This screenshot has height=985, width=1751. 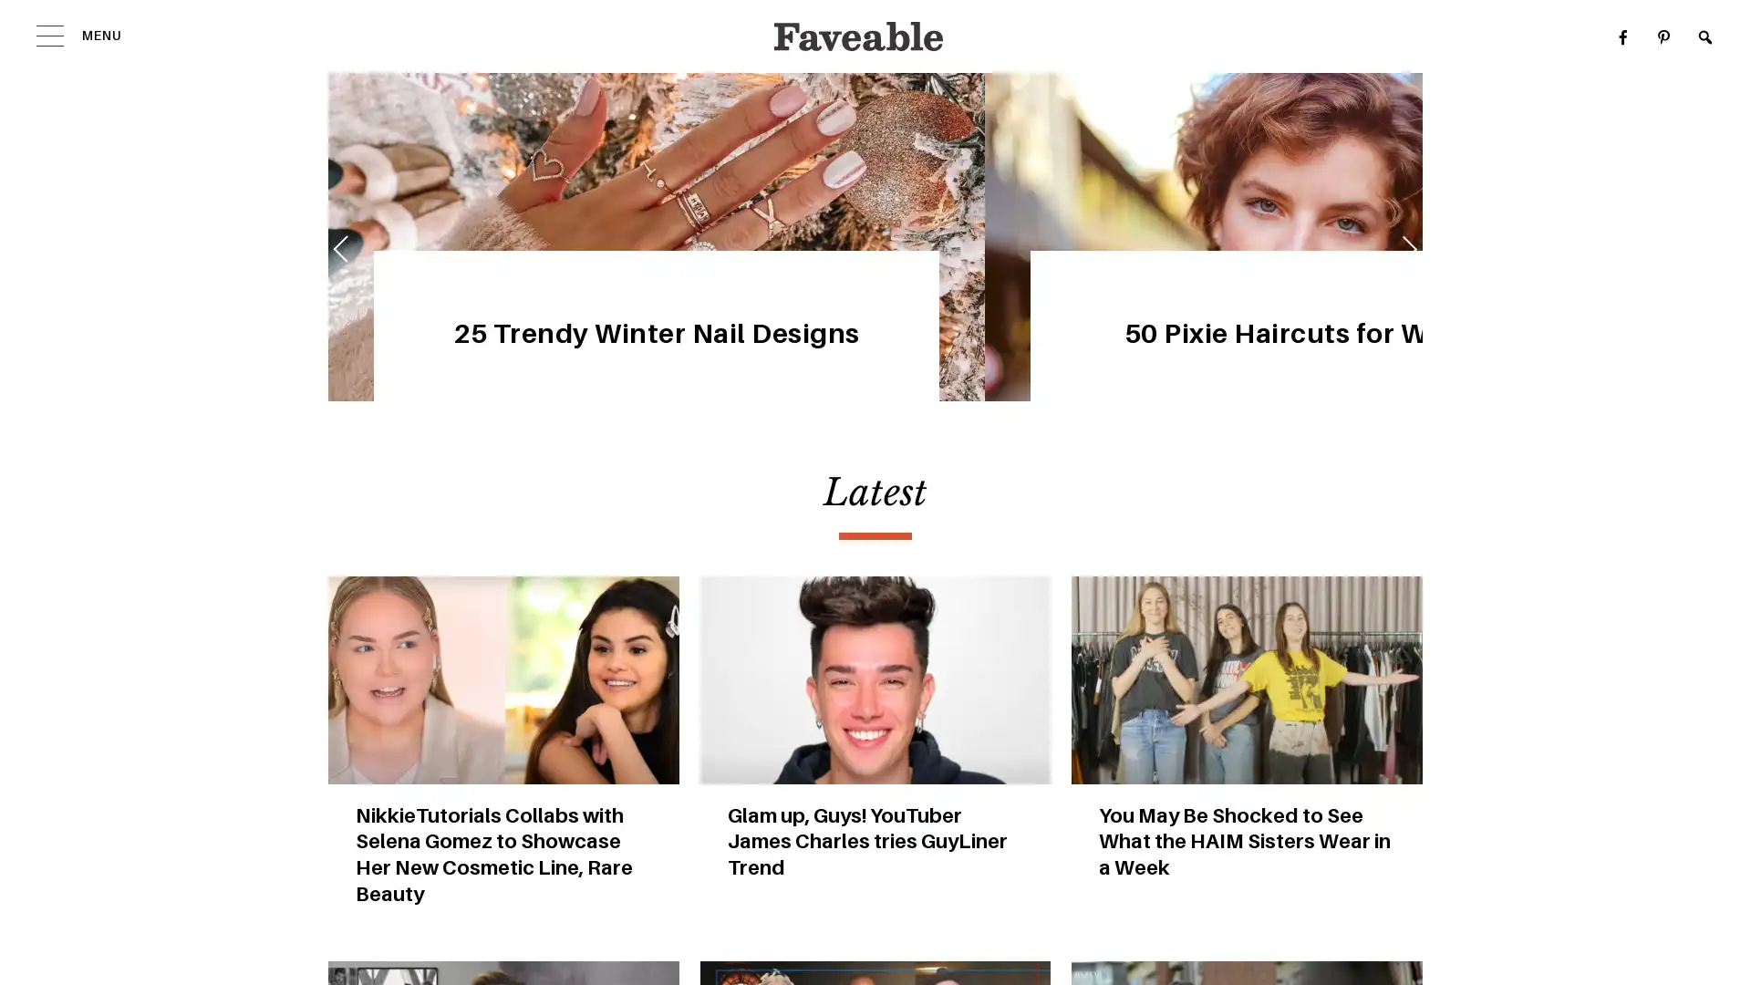 I want to click on MENU, so click(x=126, y=36).